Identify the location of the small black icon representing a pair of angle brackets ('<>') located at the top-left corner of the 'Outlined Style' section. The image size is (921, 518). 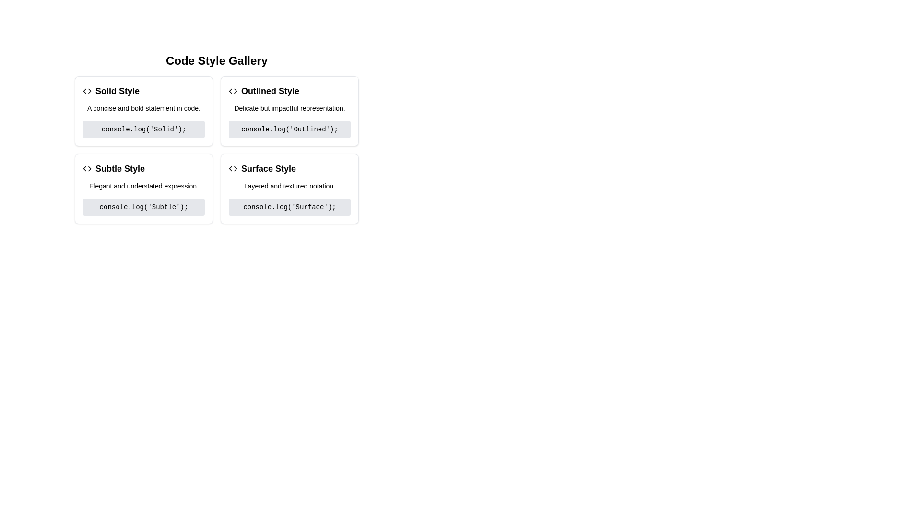
(233, 91).